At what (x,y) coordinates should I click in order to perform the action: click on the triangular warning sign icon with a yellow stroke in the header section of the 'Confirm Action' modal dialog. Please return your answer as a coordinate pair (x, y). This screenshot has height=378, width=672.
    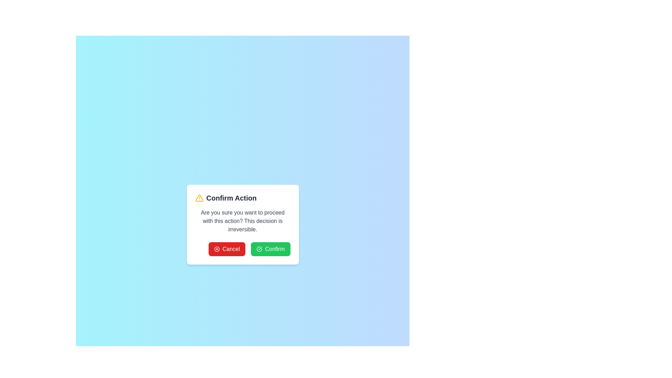
    Looking at the image, I should click on (199, 198).